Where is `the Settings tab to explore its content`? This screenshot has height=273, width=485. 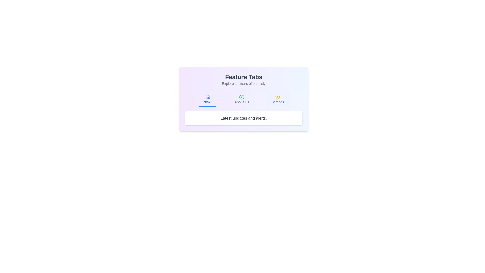
the Settings tab to explore its content is located at coordinates (277, 99).